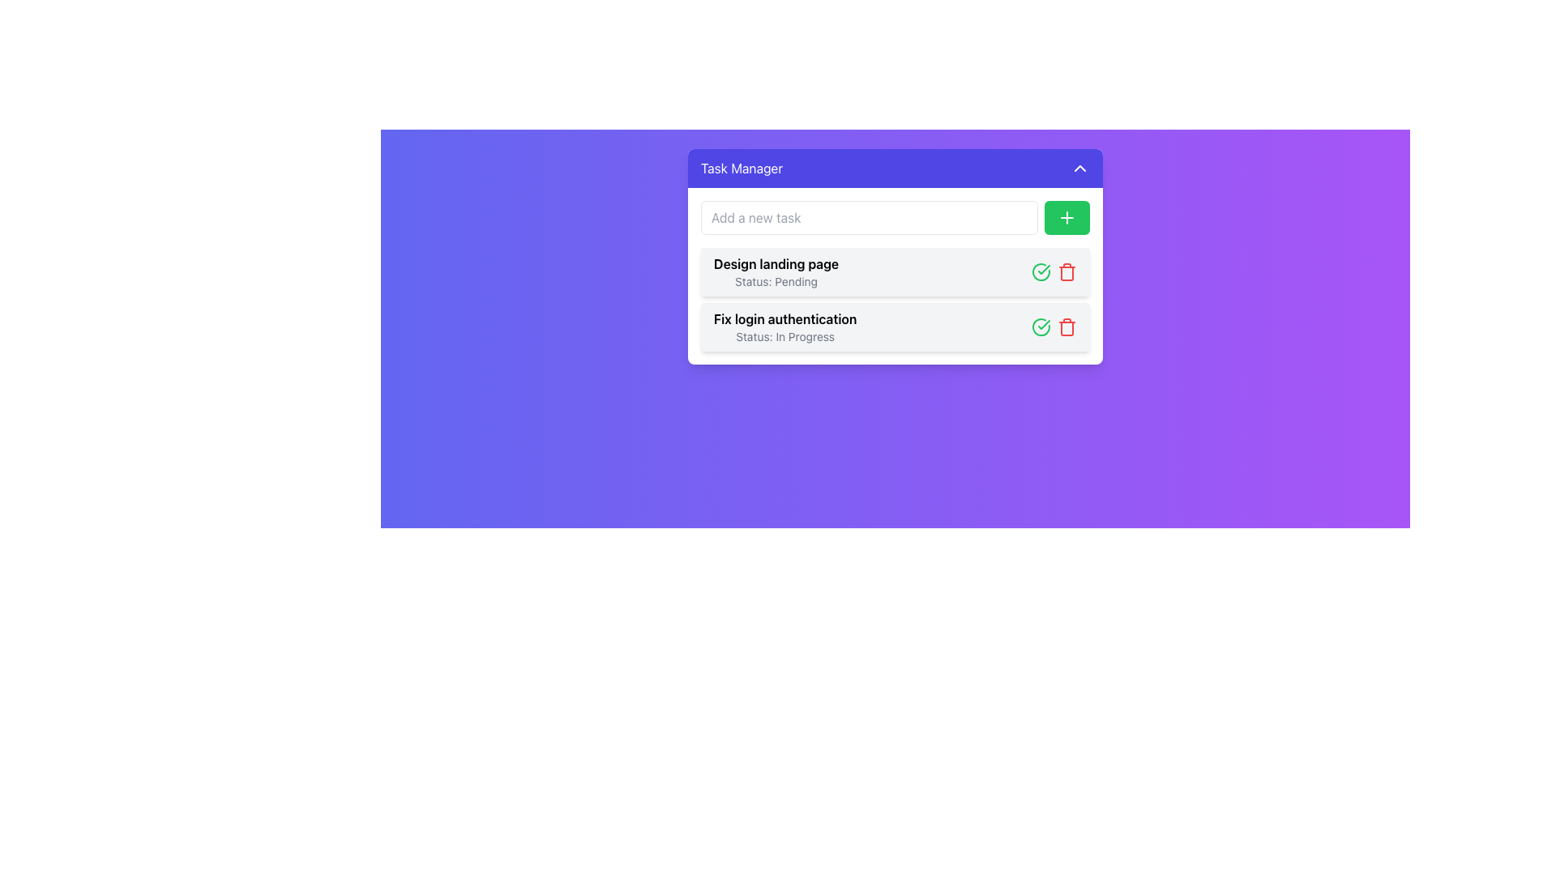  What do you see at coordinates (894, 327) in the screenshot?
I see `the interactive icons on the task item 'Fix login authentication' to mark the task as completed or delete it` at bounding box center [894, 327].